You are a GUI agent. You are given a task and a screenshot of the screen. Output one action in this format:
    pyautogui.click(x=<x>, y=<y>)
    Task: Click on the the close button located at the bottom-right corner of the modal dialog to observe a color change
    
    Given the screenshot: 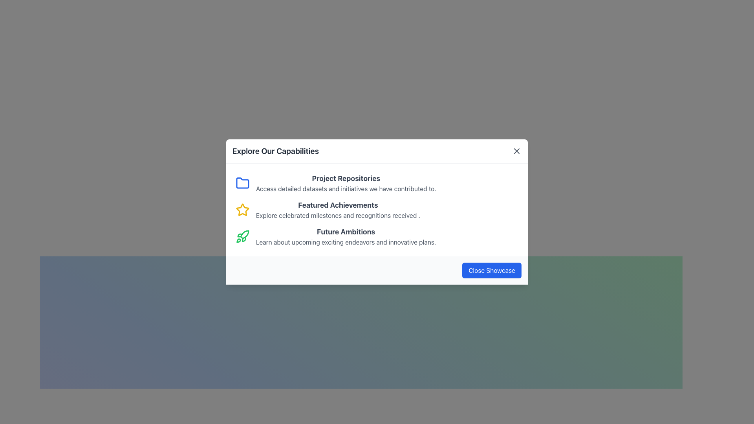 What is the action you would take?
    pyautogui.click(x=491, y=270)
    